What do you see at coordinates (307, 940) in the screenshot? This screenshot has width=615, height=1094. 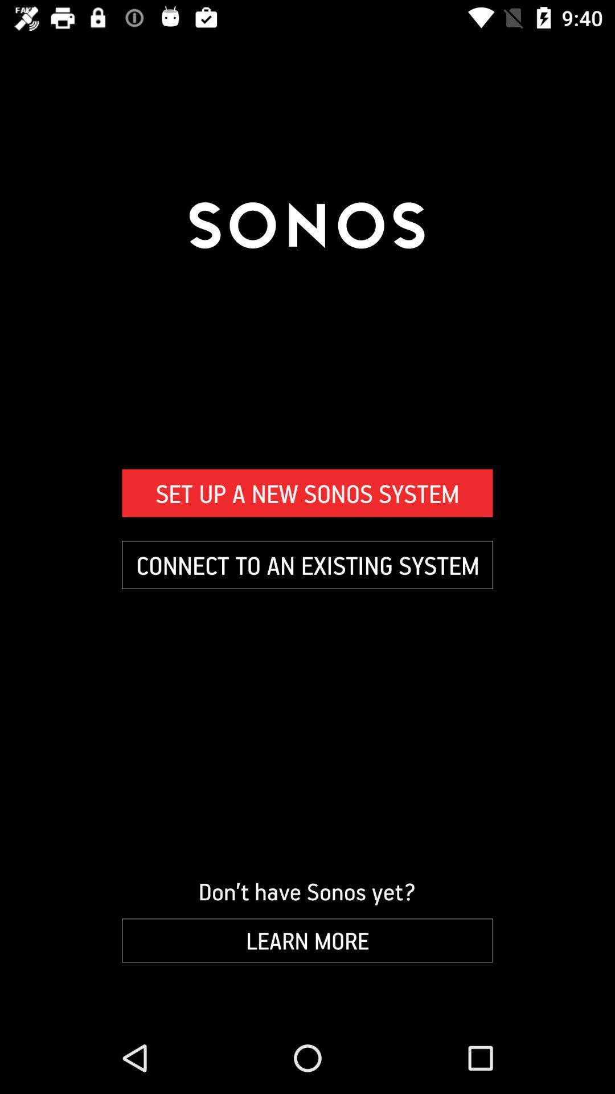 I see `learn more icon` at bounding box center [307, 940].